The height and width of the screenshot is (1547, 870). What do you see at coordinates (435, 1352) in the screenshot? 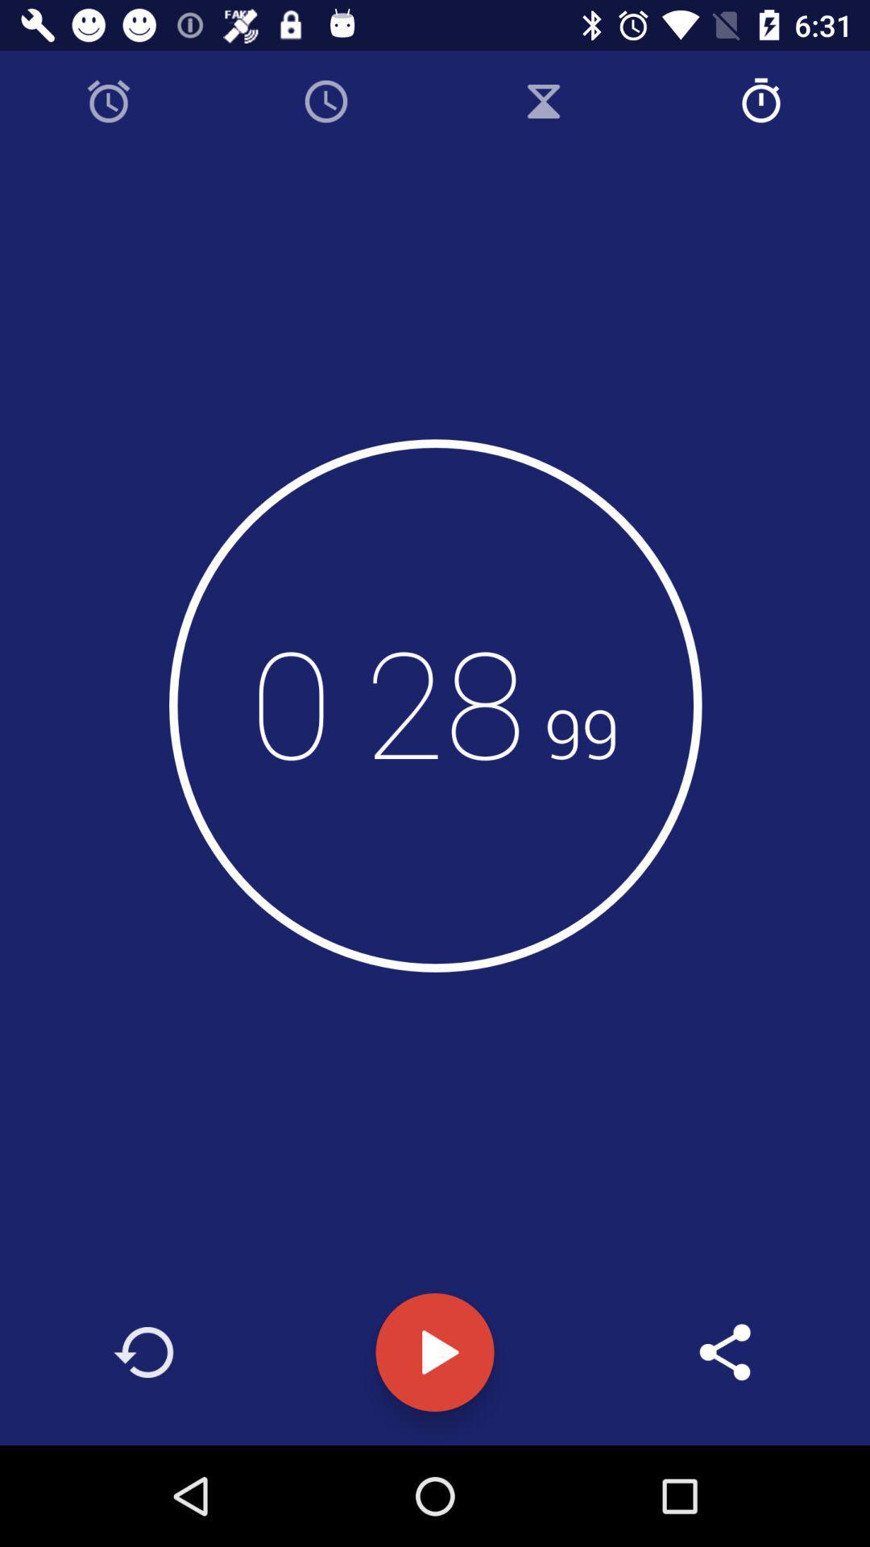
I see `the play icon` at bounding box center [435, 1352].